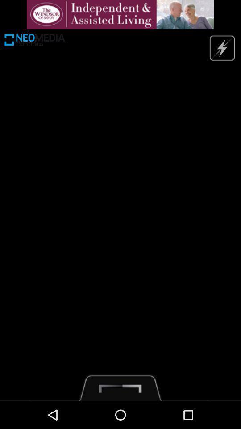  Describe the element at coordinates (120, 14) in the screenshot. I see `click top advertisement` at that location.